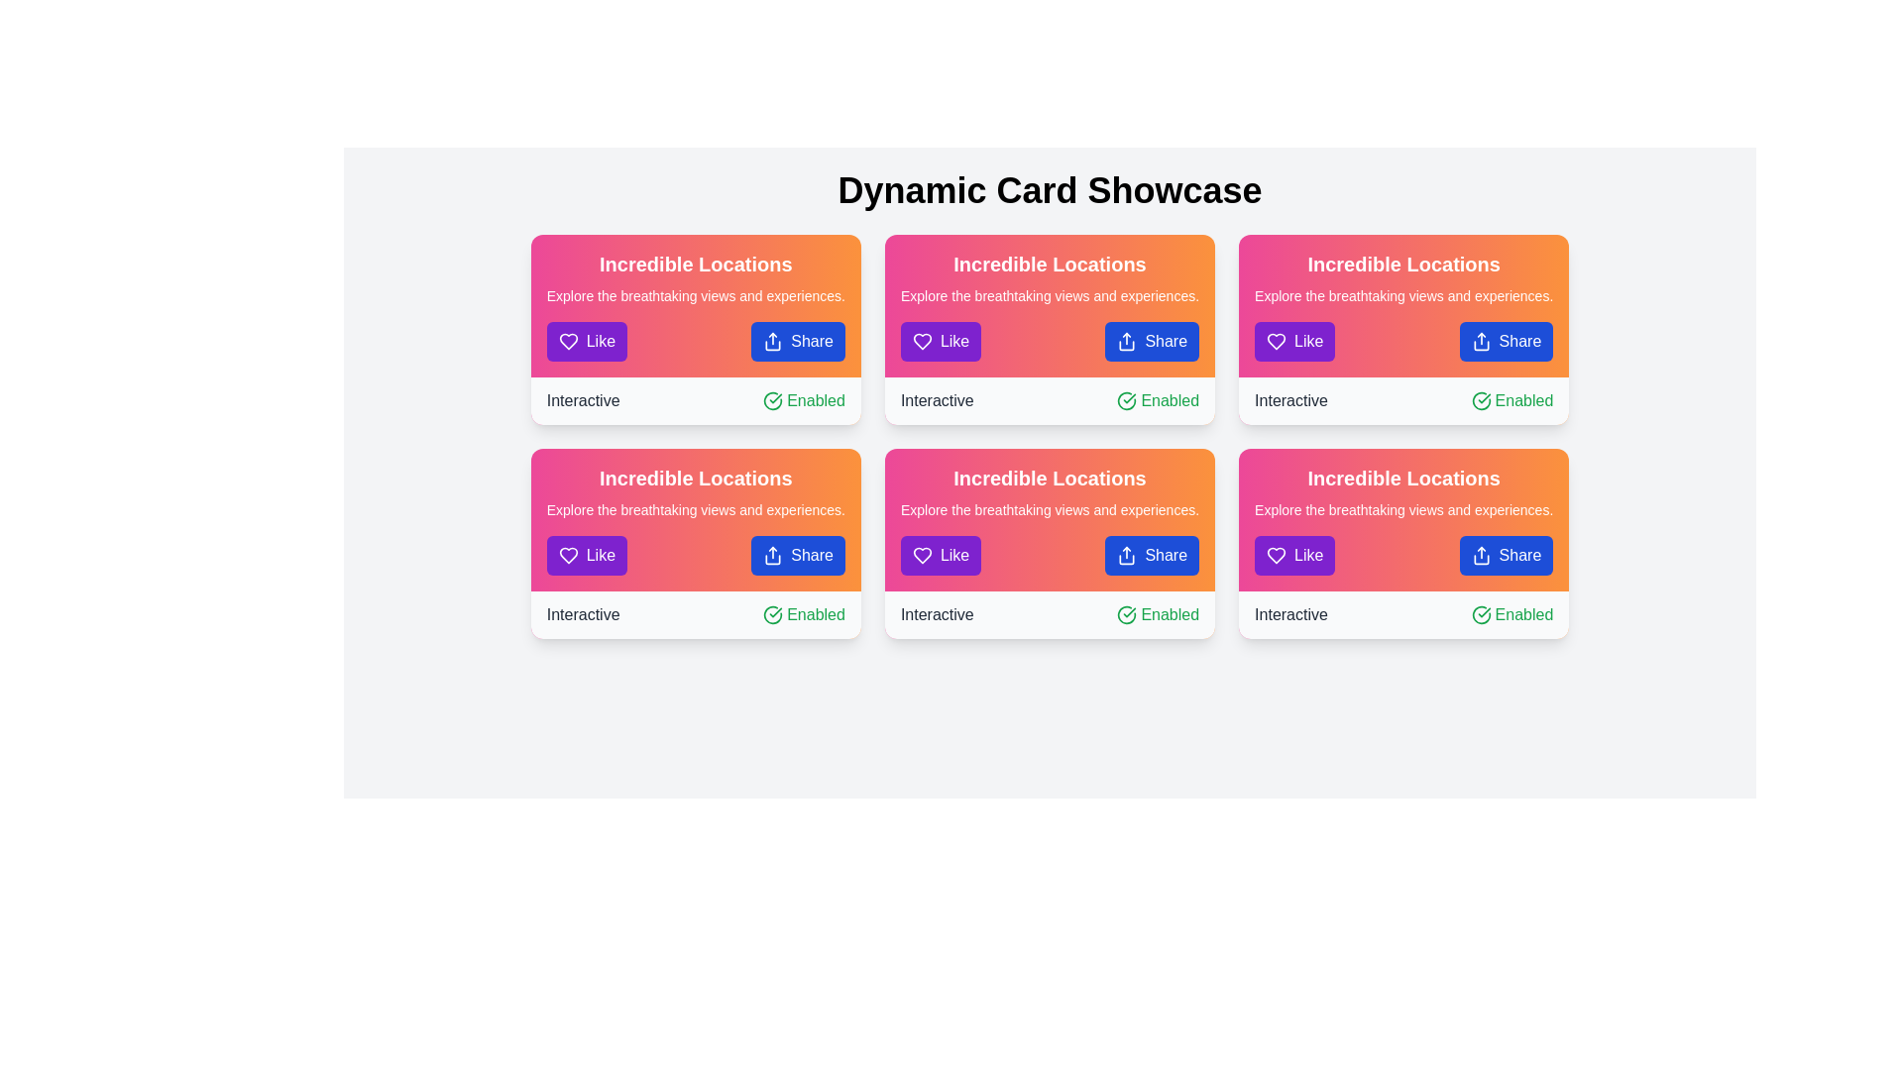 This screenshot has width=1903, height=1070. I want to click on the share icon located within the 'Share' button at the bottom right of the card in the second row, first column of the grid to initiate sharing, so click(772, 555).